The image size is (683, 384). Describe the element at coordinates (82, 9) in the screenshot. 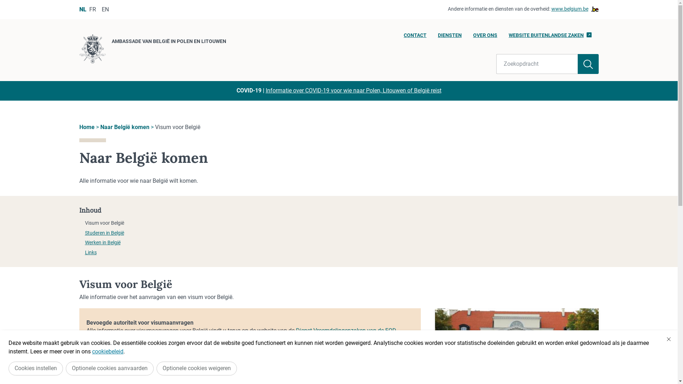

I see `'NL'` at that location.